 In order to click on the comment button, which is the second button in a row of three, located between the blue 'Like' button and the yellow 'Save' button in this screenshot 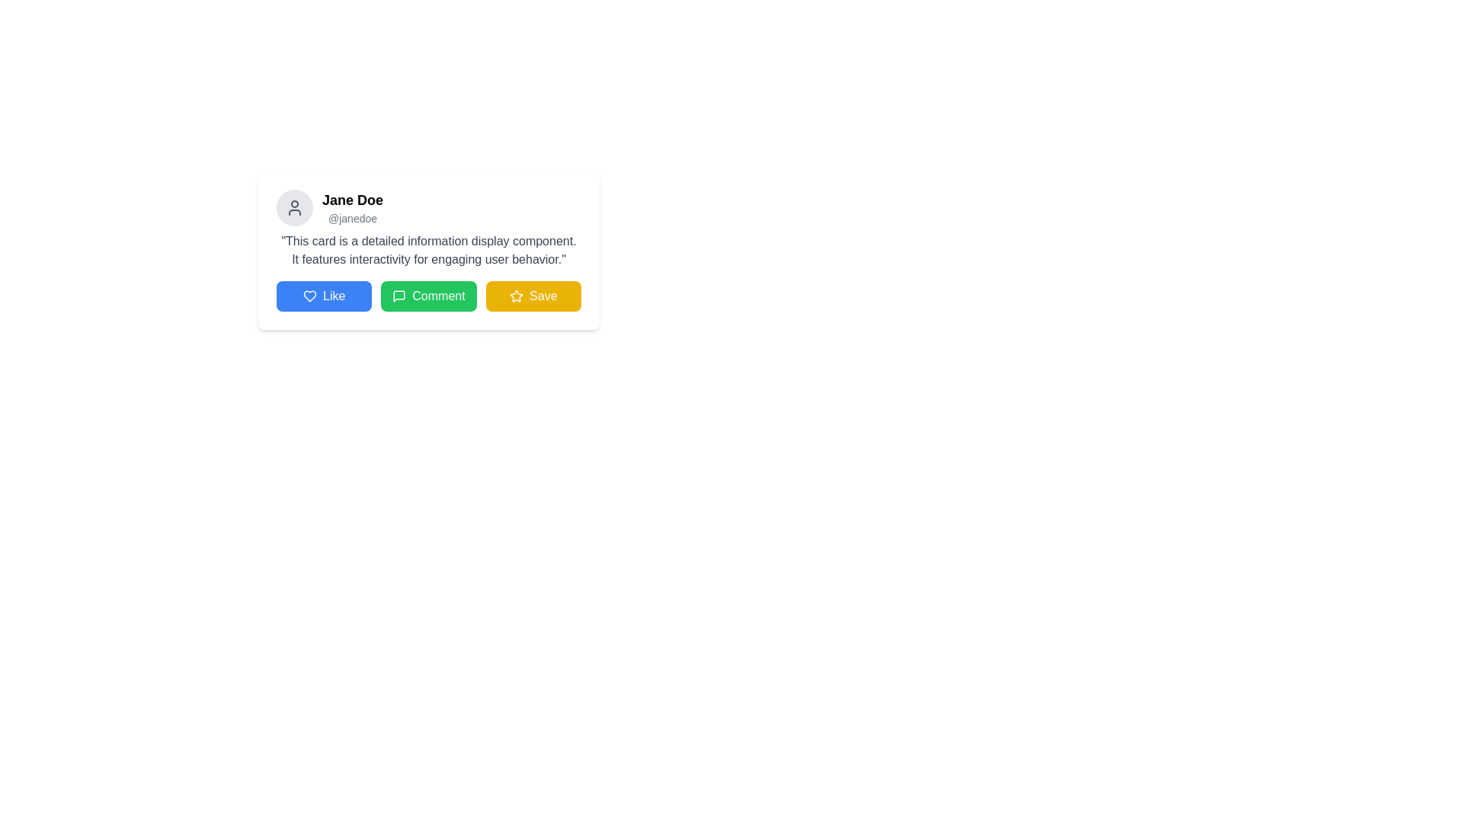, I will do `click(427, 296)`.